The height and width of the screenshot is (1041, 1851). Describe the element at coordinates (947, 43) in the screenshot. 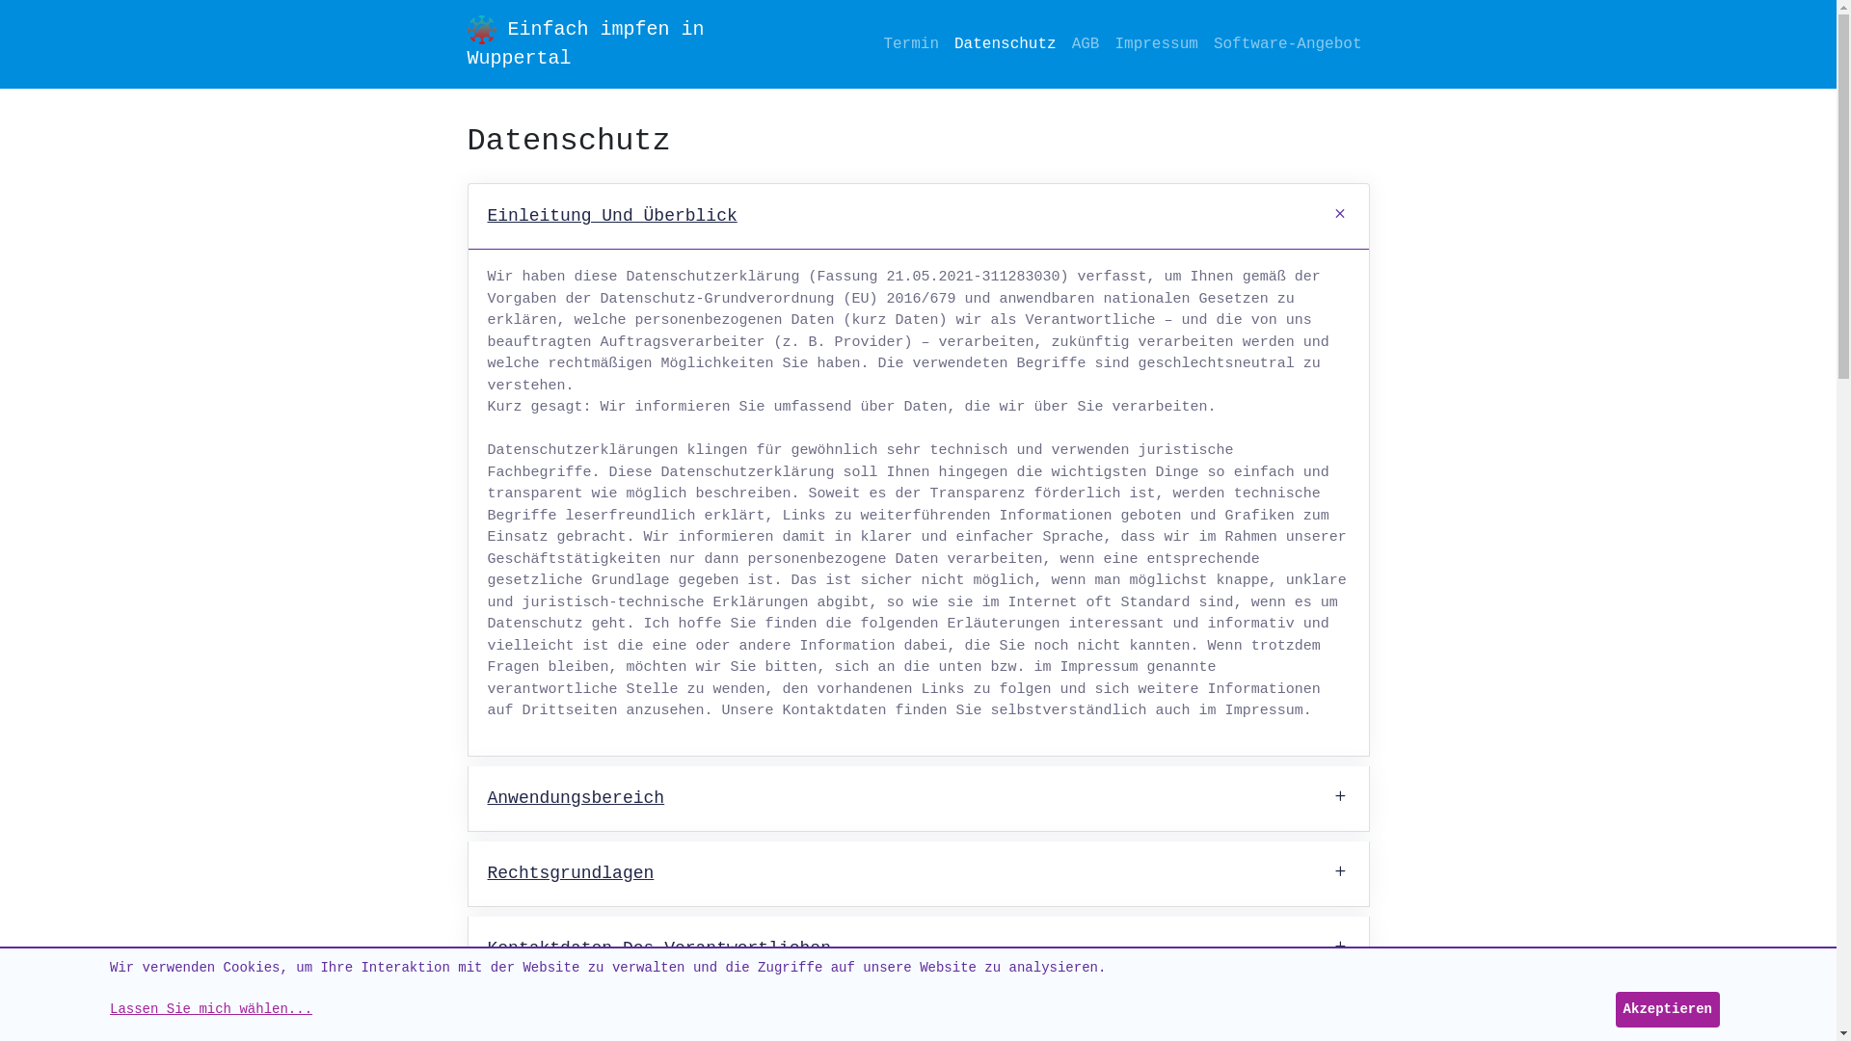

I see `'Datenschutz'` at that location.